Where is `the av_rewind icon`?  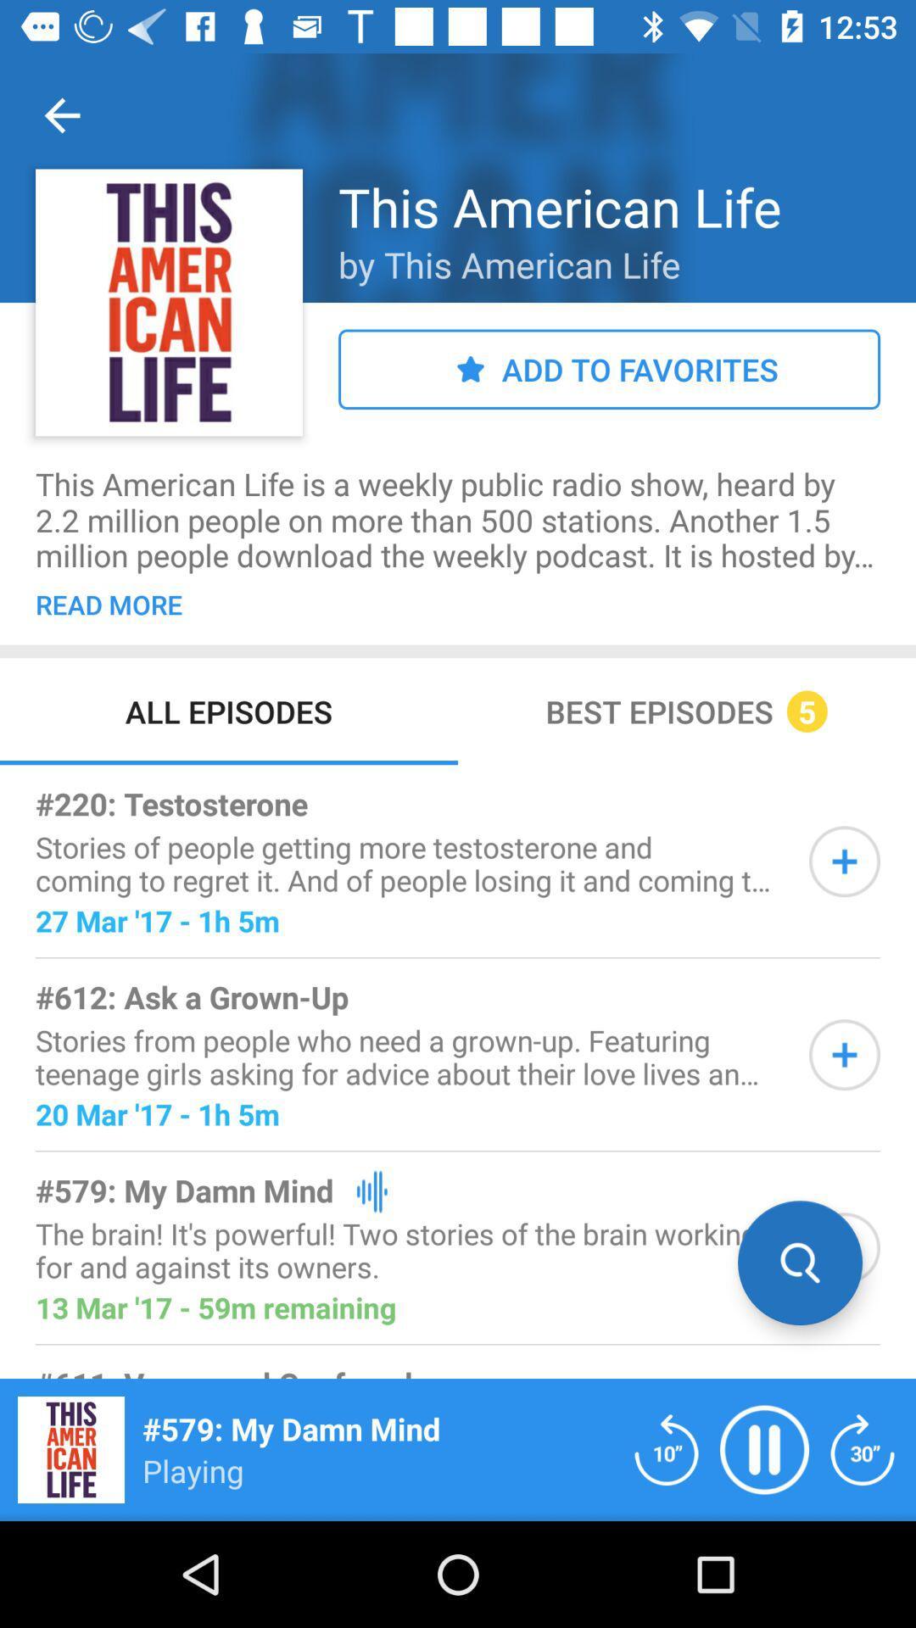
the av_rewind icon is located at coordinates (666, 1448).